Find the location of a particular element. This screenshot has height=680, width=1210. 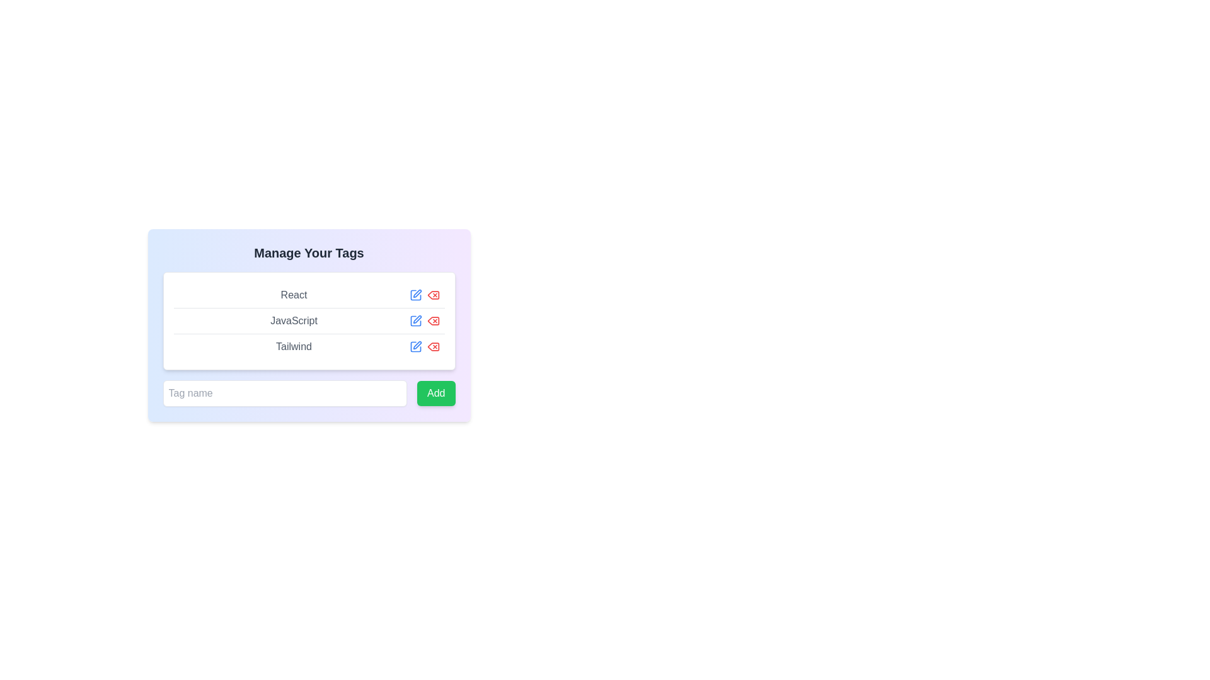

the pen icon within the SVG graphic located directly to the right of the text 'React' in the first row of the tag list is located at coordinates (417, 293).